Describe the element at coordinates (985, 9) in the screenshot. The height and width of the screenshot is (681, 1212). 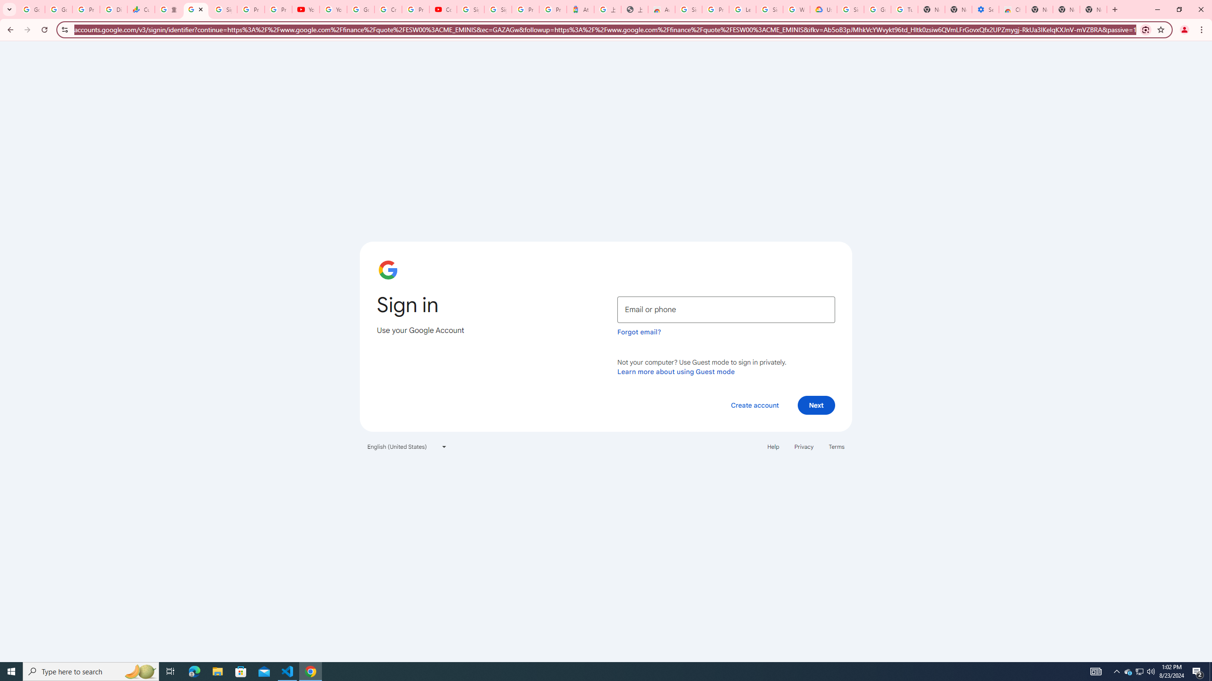
I see `'Settings - Accessibility'` at that location.